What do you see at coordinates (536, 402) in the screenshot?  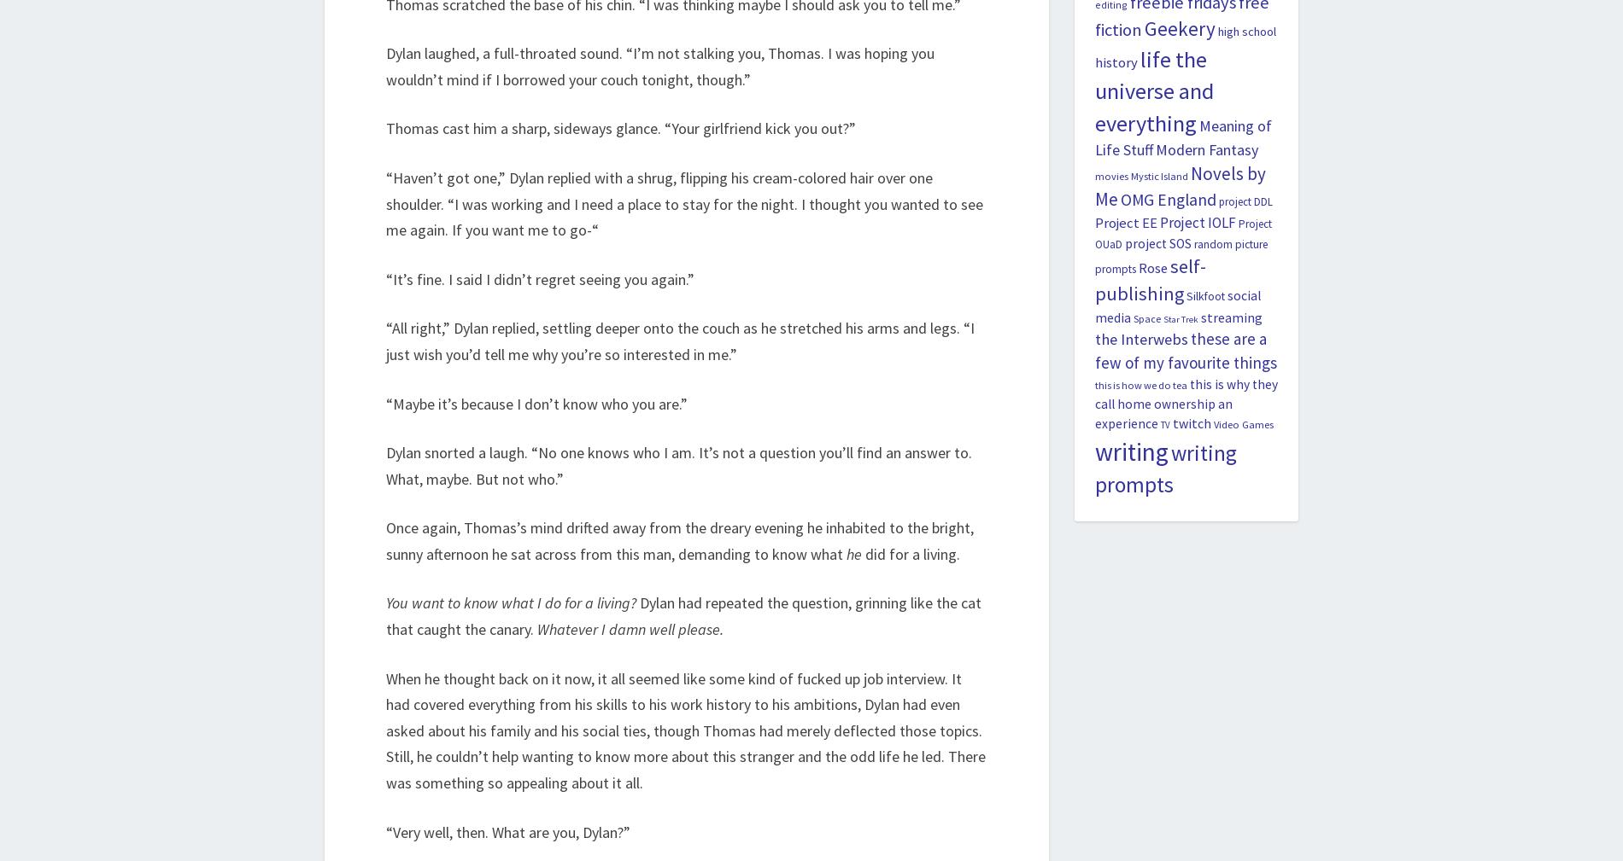 I see `'“Maybe it’s because I don’t know who you are.”'` at bounding box center [536, 402].